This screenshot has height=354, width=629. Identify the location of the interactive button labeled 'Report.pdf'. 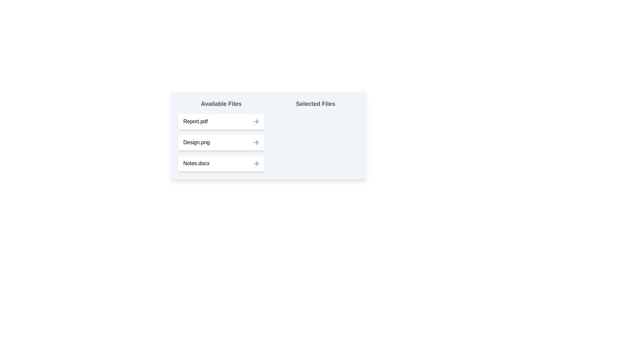
(221, 121).